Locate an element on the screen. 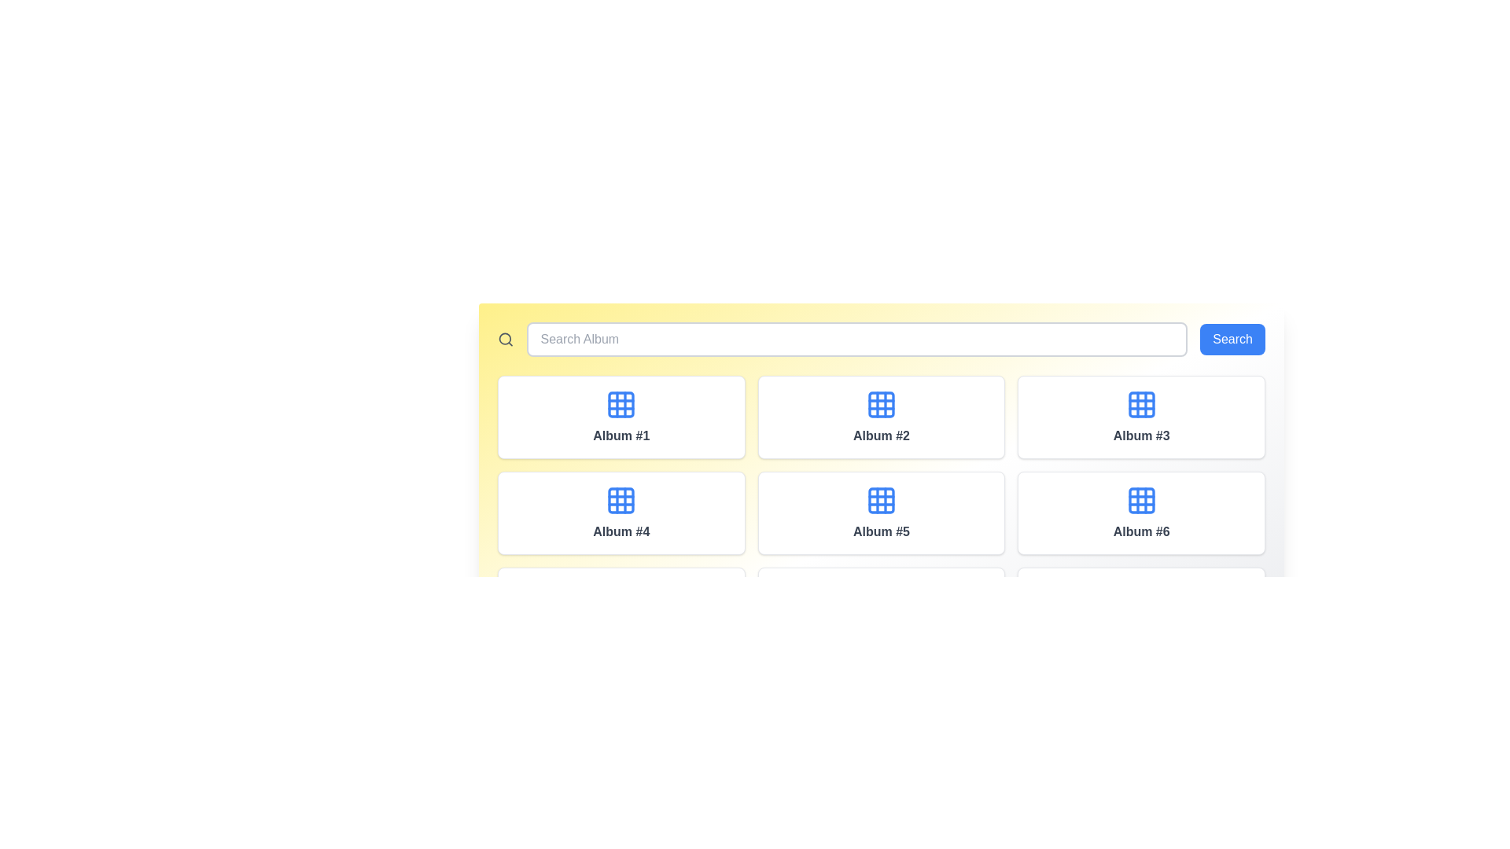 Image resolution: width=1510 pixels, height=849 pixels. the top-left square of the grid icon representing 'Album 6' in the albums grid is located at coordinates (1141, 500).